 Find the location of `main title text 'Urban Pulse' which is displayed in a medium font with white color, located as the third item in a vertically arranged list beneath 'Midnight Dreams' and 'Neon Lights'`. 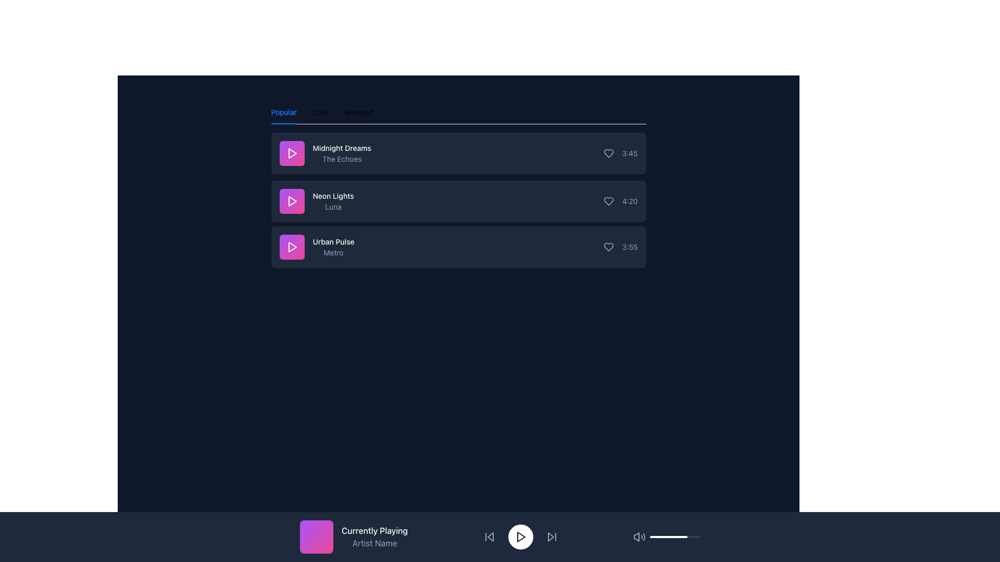

main title text 'Urban Pulse' which is displayed in a medium font with white color, located as the third item in a vertically arranged list beneath 'Midnight Dreams' and 'Neon Lights' is located at coordinates (333, 242).